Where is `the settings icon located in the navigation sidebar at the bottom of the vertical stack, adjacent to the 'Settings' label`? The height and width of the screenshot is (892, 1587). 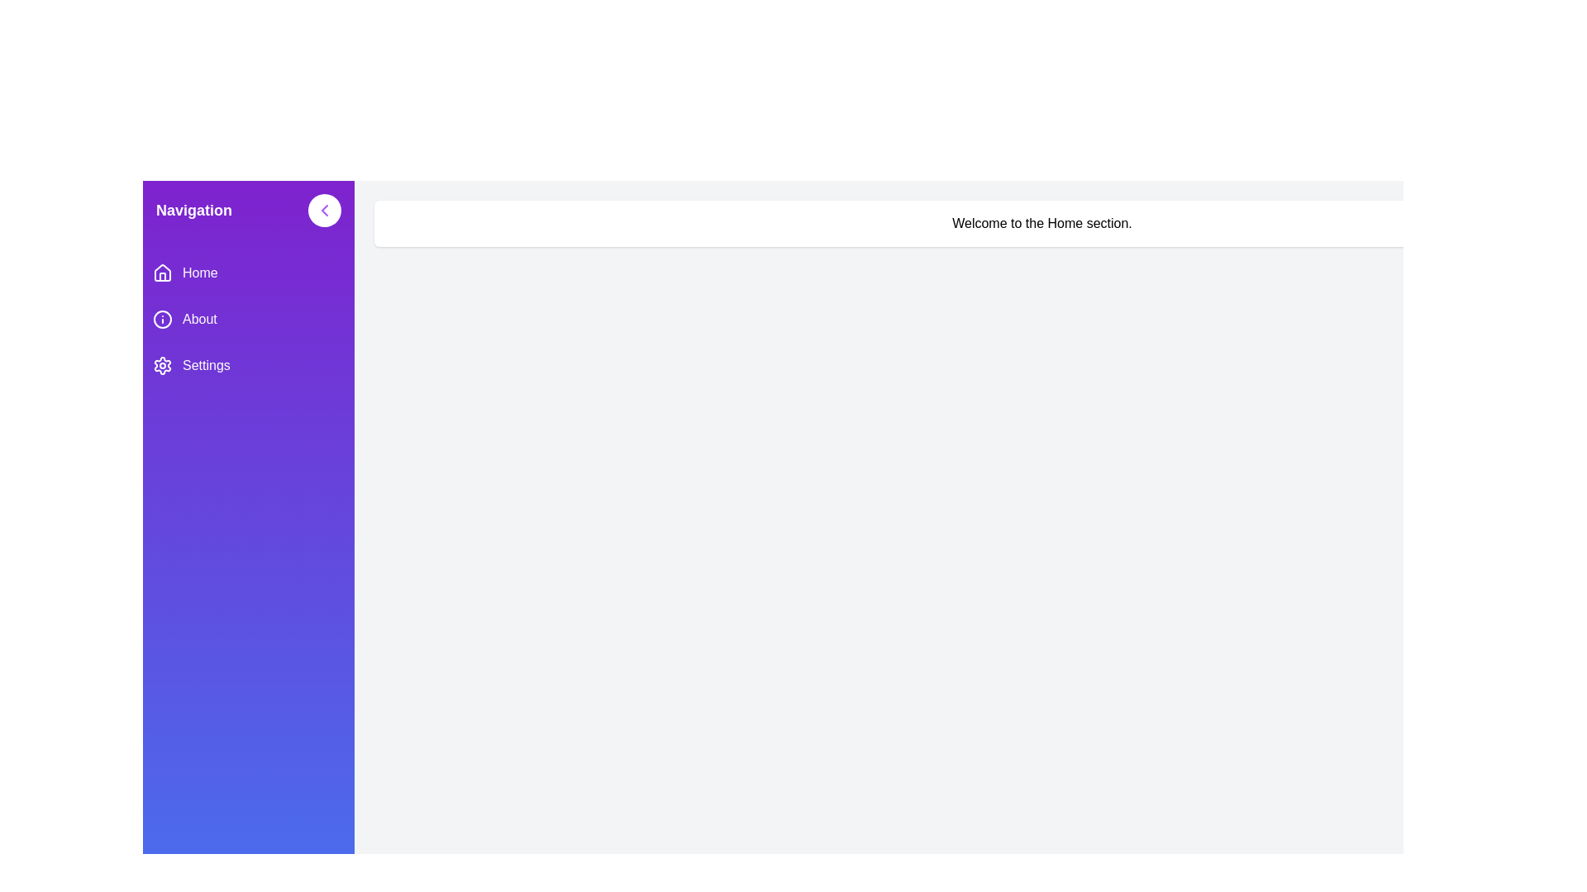
the settings icon located in the navigation sidebar at the bottom of the vertical stack, adjacent to the 'Settings' label is located at coordinates (162, 365).